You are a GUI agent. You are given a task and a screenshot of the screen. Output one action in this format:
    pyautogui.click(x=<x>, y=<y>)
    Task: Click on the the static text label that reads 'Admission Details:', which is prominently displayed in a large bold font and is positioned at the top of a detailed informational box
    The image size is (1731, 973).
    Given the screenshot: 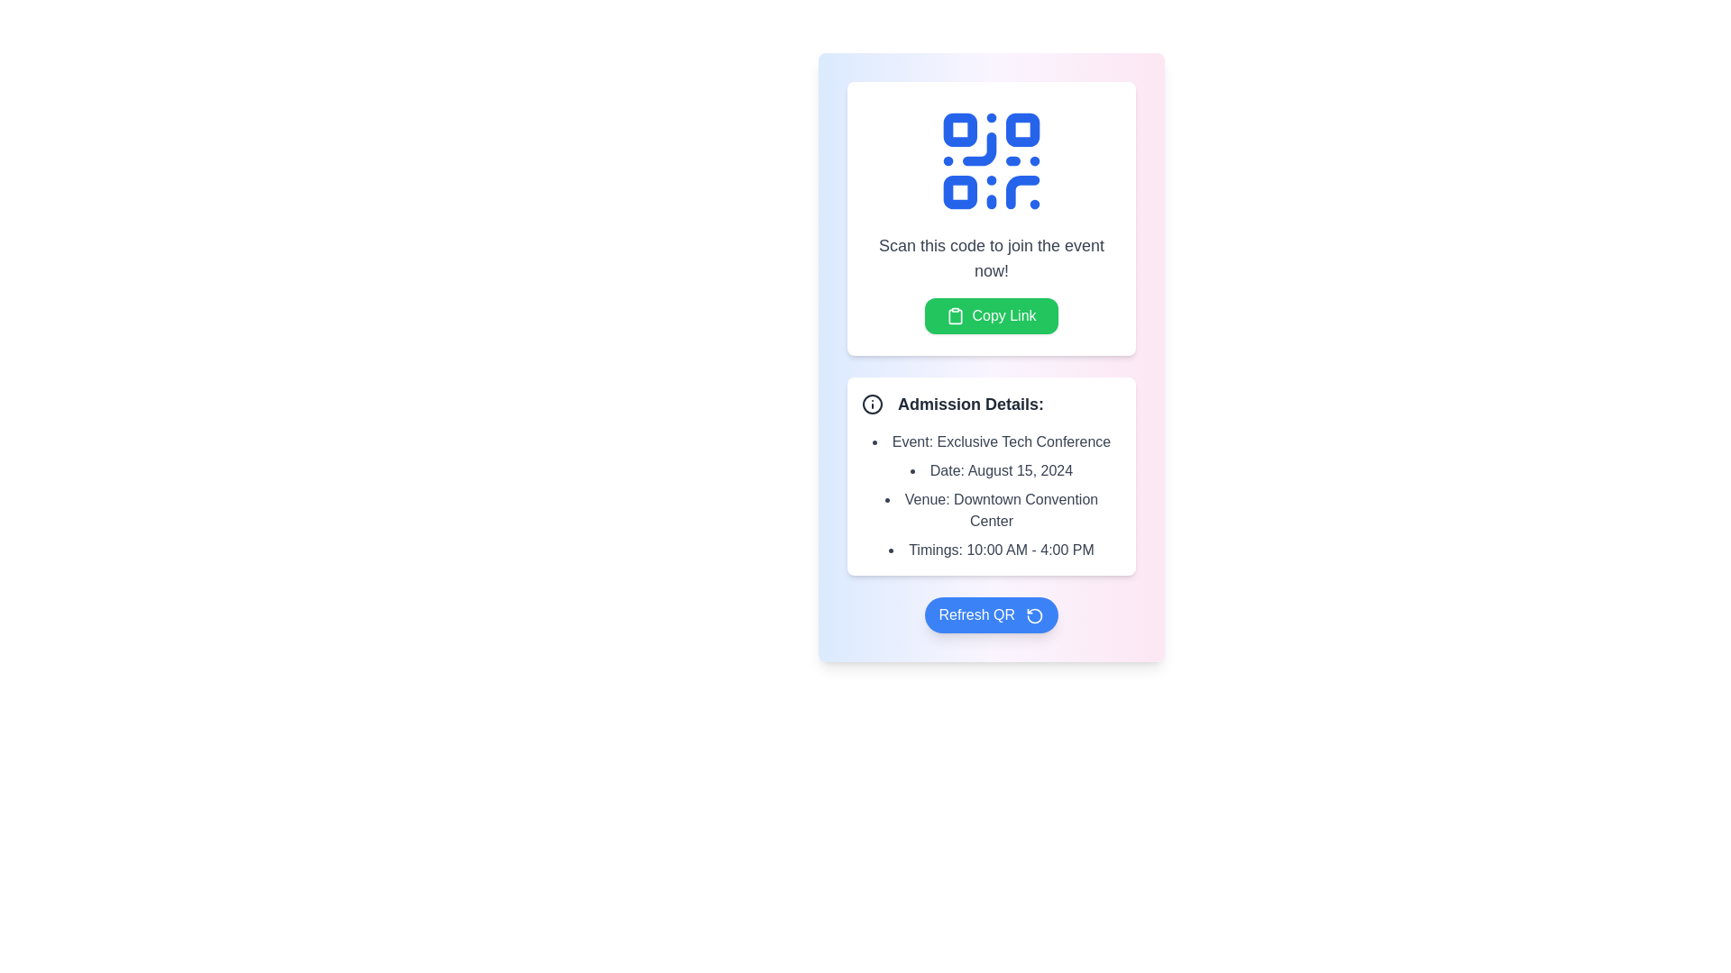 What is the action you would take?
    pyautogui.click(x=969, y=403)
    